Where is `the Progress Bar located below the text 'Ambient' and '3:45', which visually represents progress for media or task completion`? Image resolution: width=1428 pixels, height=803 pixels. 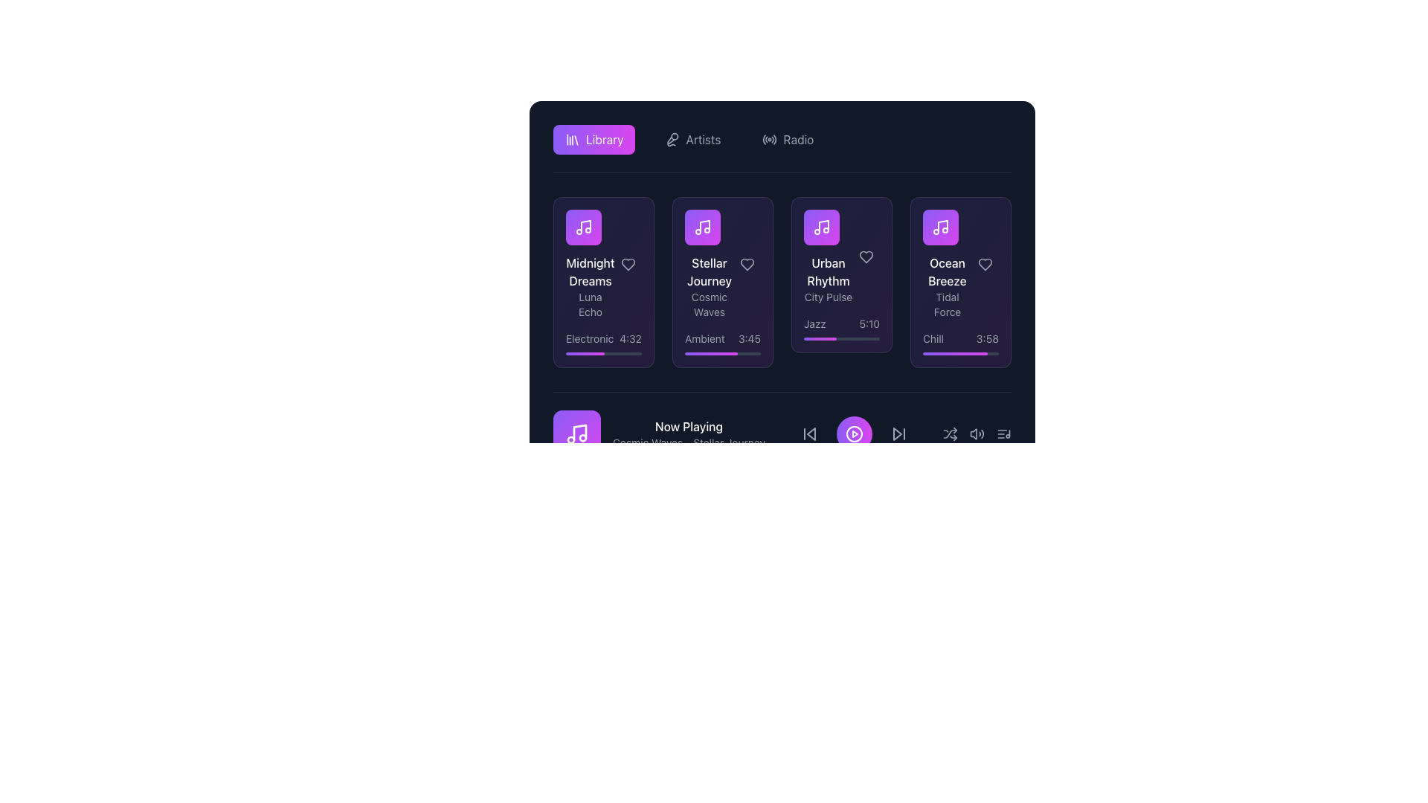
the Progress Bar located below the text 'Ambient' and '3:45', which visually represents progress for media or task completion is located at coordinates (722, 353).